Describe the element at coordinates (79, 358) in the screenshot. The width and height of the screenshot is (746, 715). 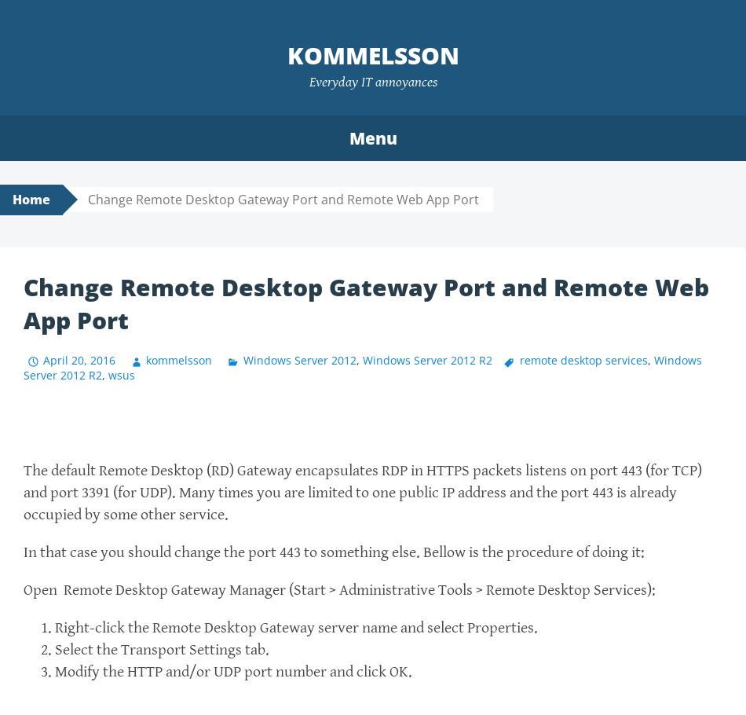
I see `'April 20, 2016'` at that location.